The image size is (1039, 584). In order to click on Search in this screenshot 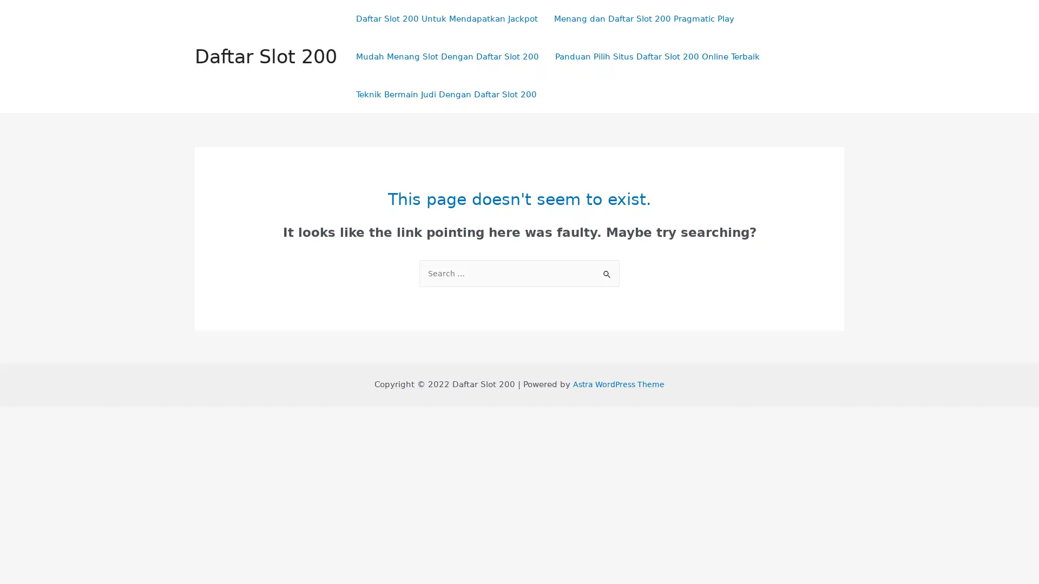, I will do `click(607, 270)`.